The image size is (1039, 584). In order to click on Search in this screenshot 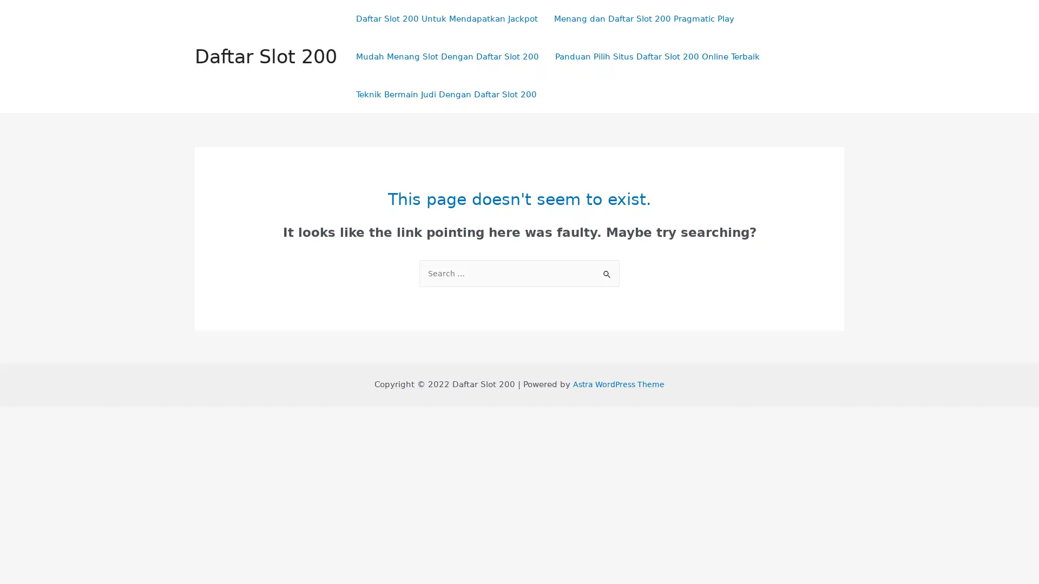, I will do `click(607, 270)`.